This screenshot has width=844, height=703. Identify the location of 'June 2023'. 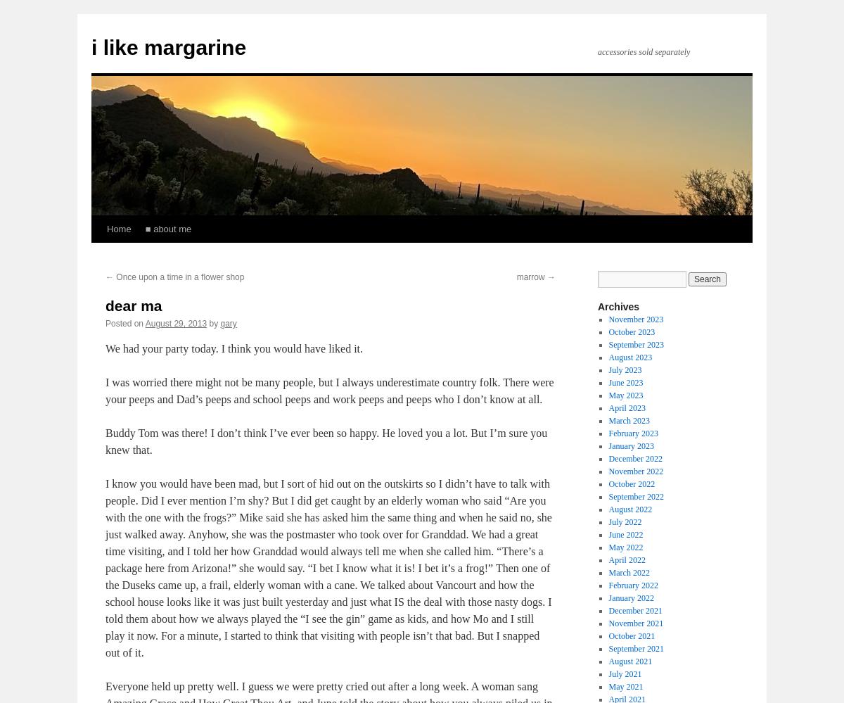
(607, 381).